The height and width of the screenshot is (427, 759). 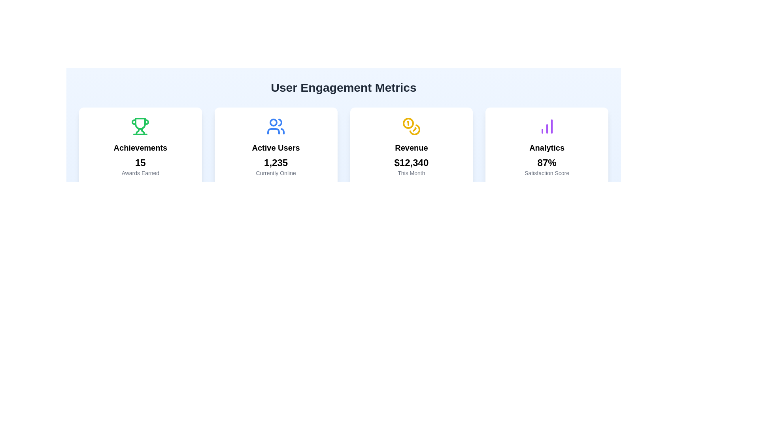 I want to click on the 'Satisfaction Score' text label, which is styled in gray and positioned below the '87%' text within the white card in the 'Analytics' section, so click(x=546, y=173).